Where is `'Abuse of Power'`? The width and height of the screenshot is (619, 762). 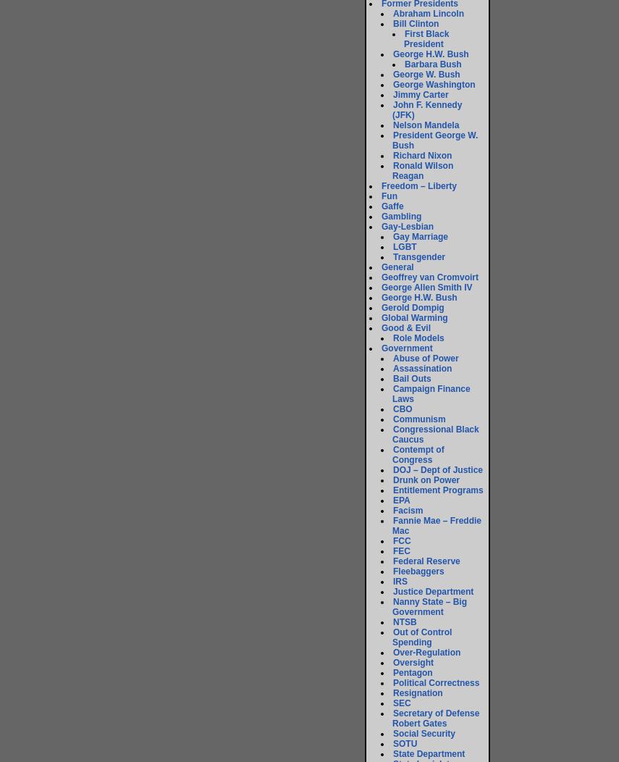
'Abuse of Power' is located at coordinates (424, 357).